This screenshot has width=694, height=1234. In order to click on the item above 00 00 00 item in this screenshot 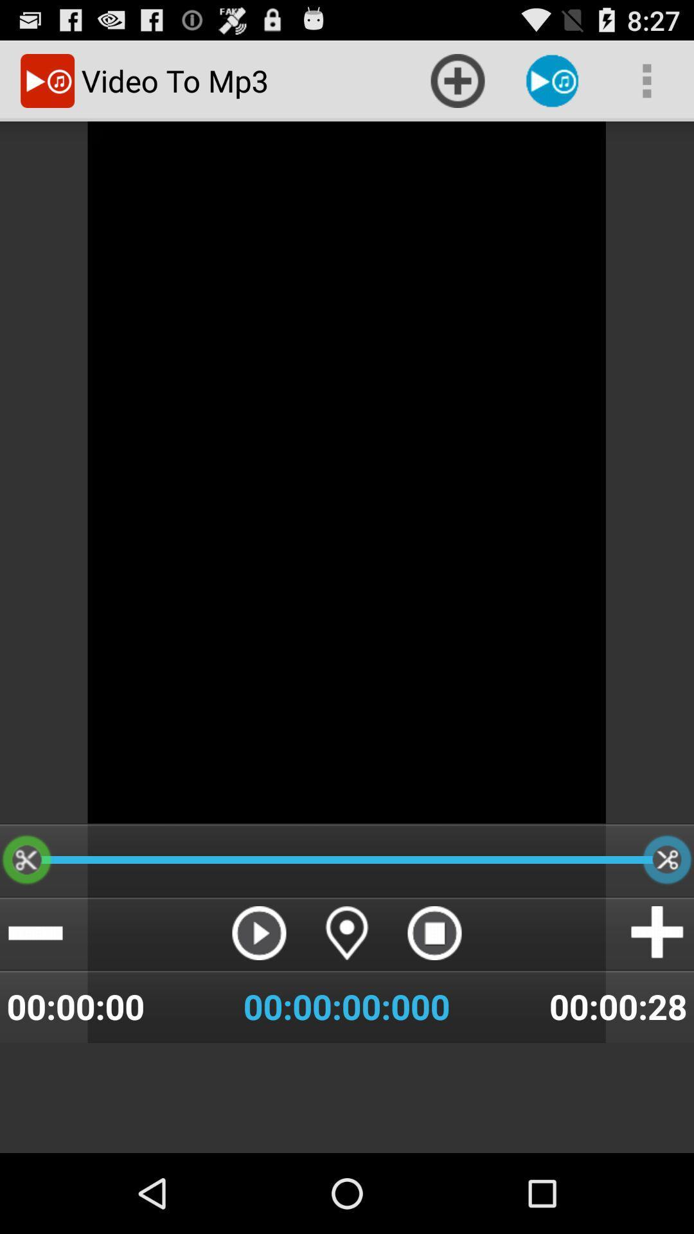, I will do `click(259, 933)`.